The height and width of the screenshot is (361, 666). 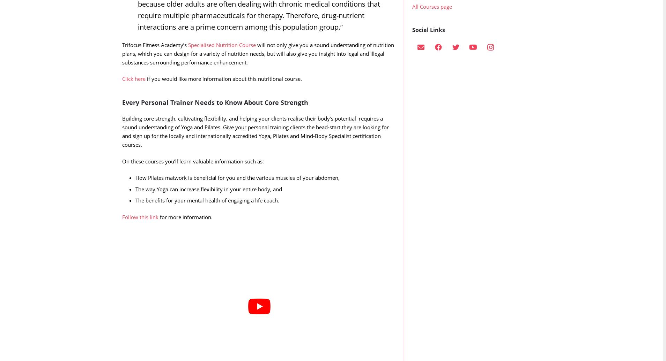 I want to click on 'Exercise Science Certification', so click(x=446, y=11).